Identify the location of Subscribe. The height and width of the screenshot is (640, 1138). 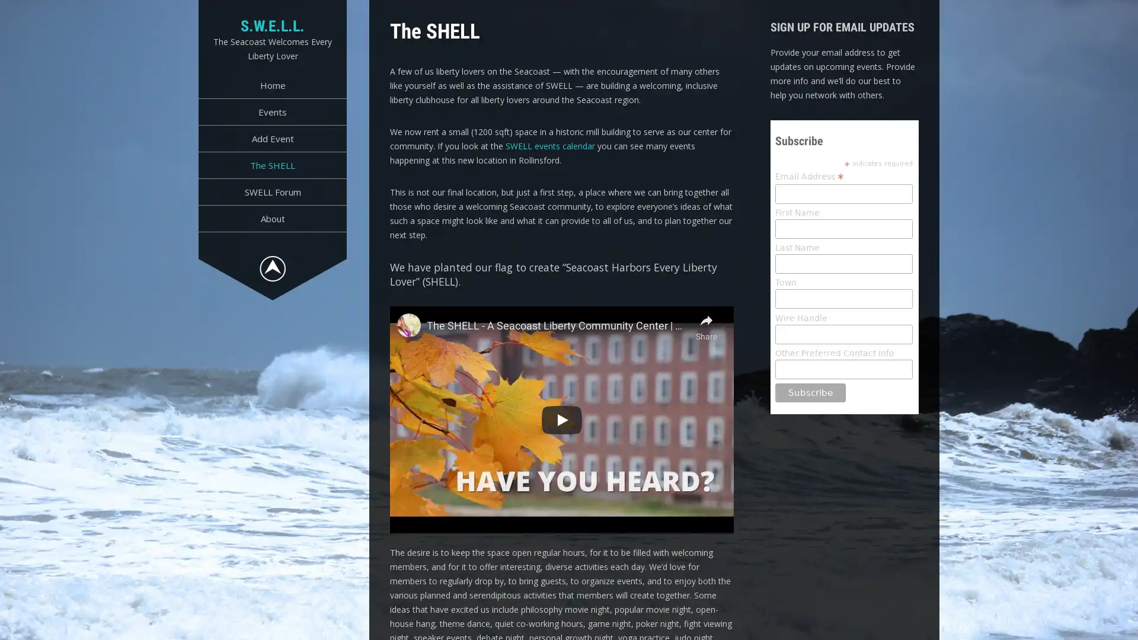
(809, 393).